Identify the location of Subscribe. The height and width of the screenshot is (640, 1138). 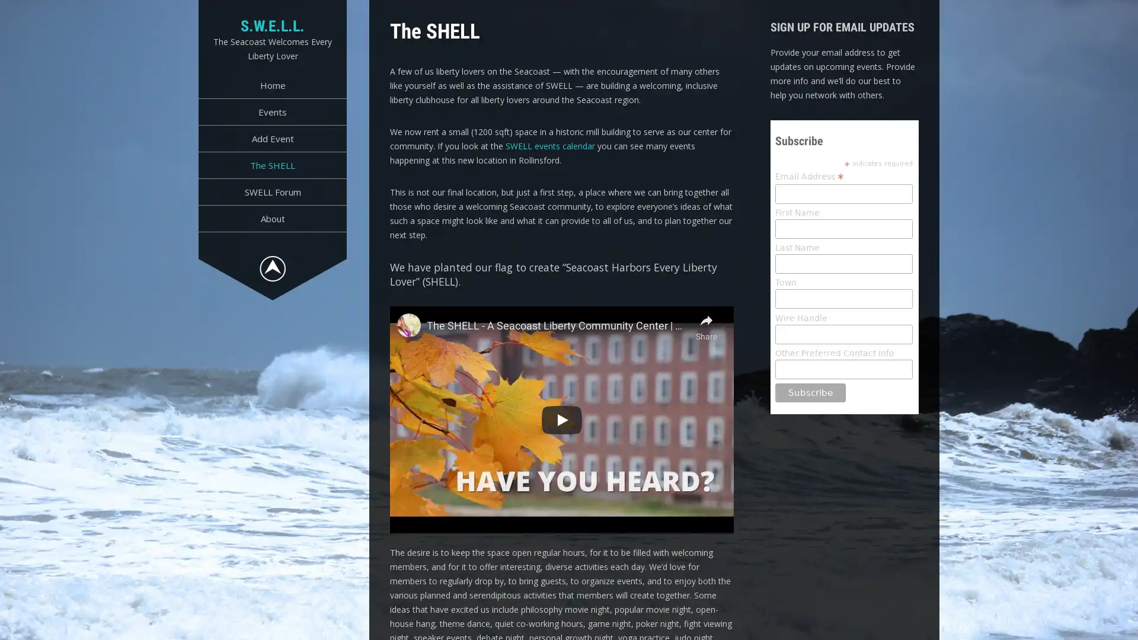
(809, 393).